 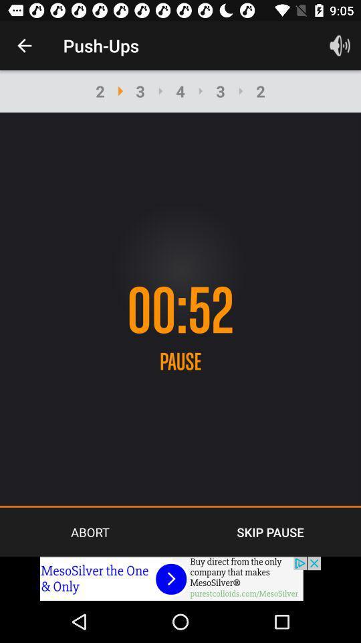 I want to click on the sound icon, so click(x=340, y=46).